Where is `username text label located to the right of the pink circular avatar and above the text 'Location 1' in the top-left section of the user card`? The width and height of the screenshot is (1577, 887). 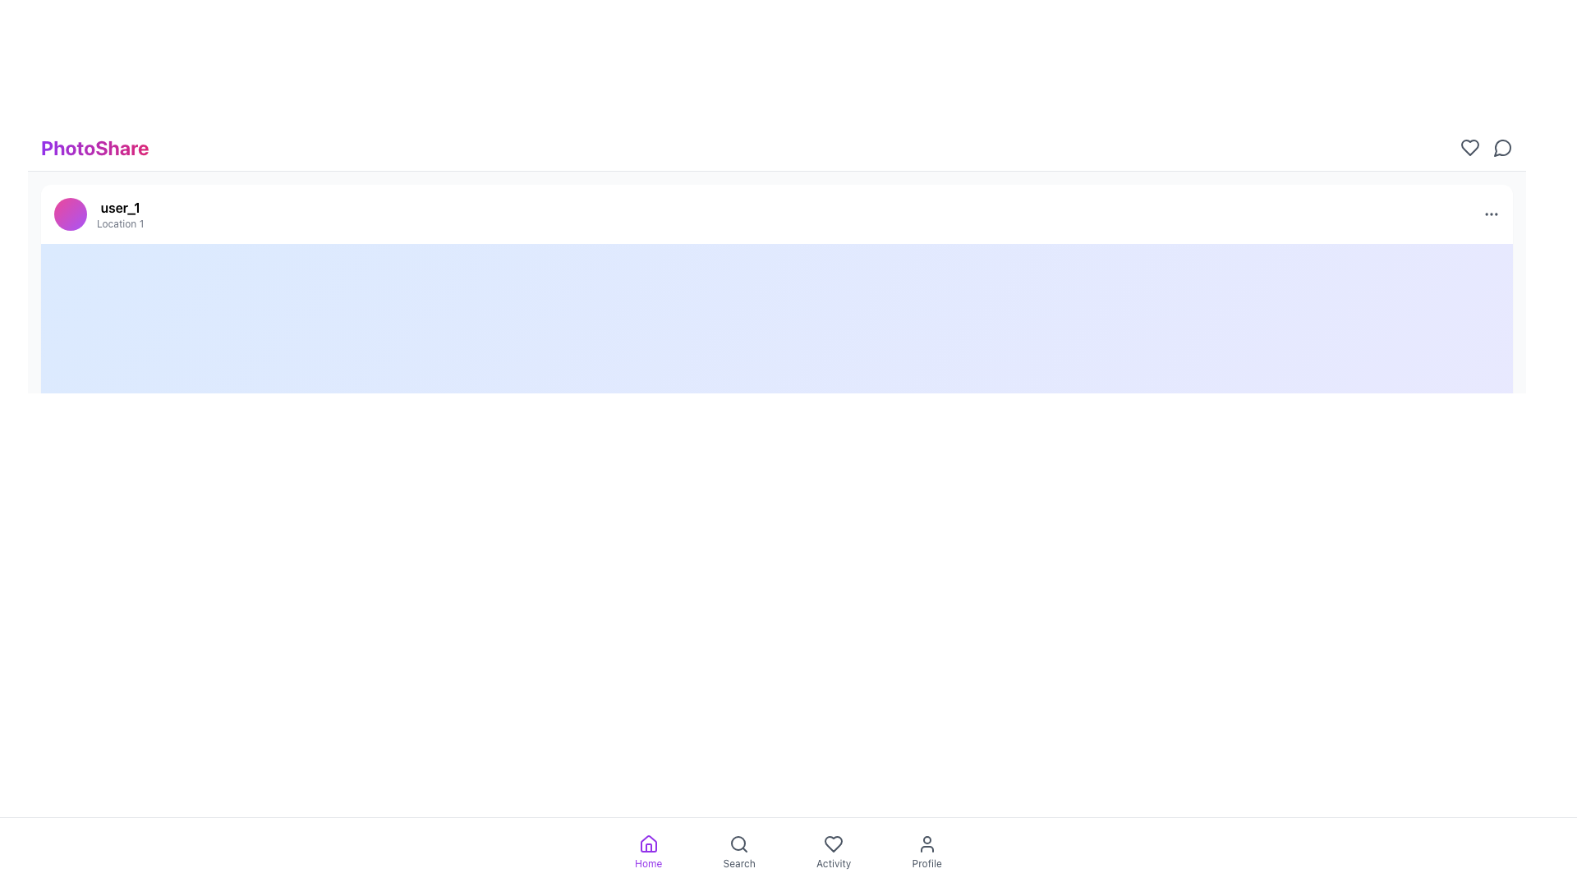
username text label located to the right of the pink circular avatar and above the text 'Location 1' in the top-left section of the user card is located at coordinates (119, 207).